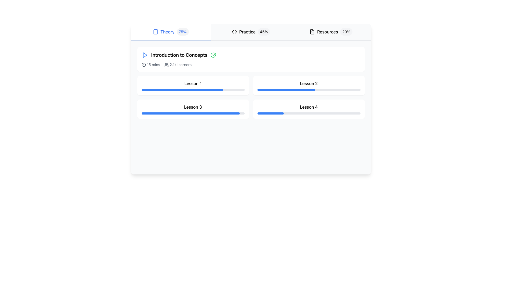 The image size is (515, 289). Describe the element at coordinates (178, 64) in the screenshot. I see `textual content of the label displaying '2.1k learners' which is part of a horizontal grouping below the title 'Introduction to Concepts'` at that location.